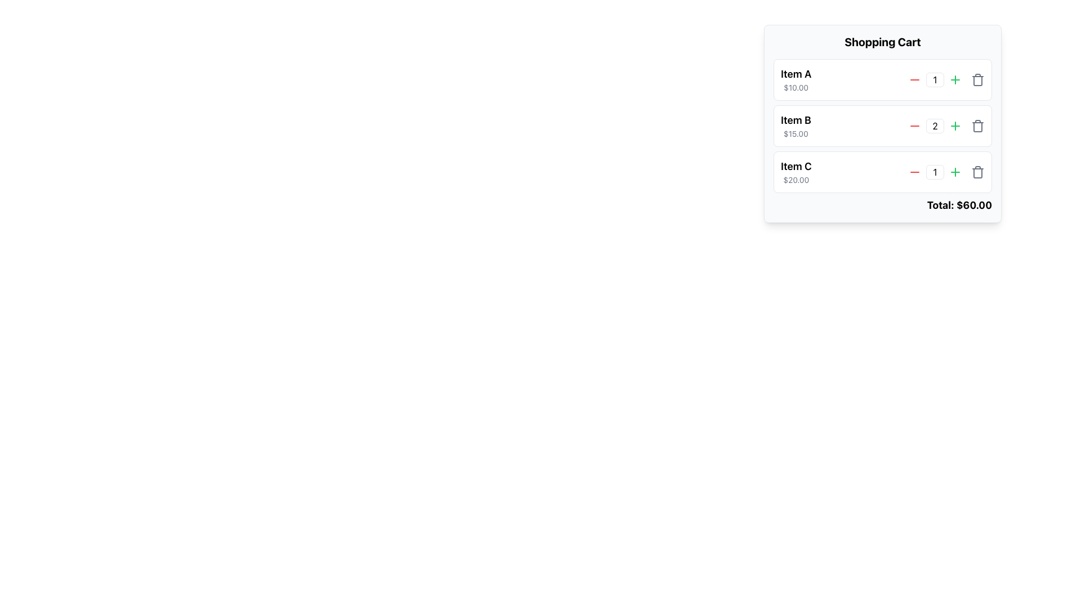 This screenshot has height=608, width=1081. I want to click on the static text displaying the price of 'Item C' in the shopping cart interface, which is located below the label 'Item C', so click(796, 180).